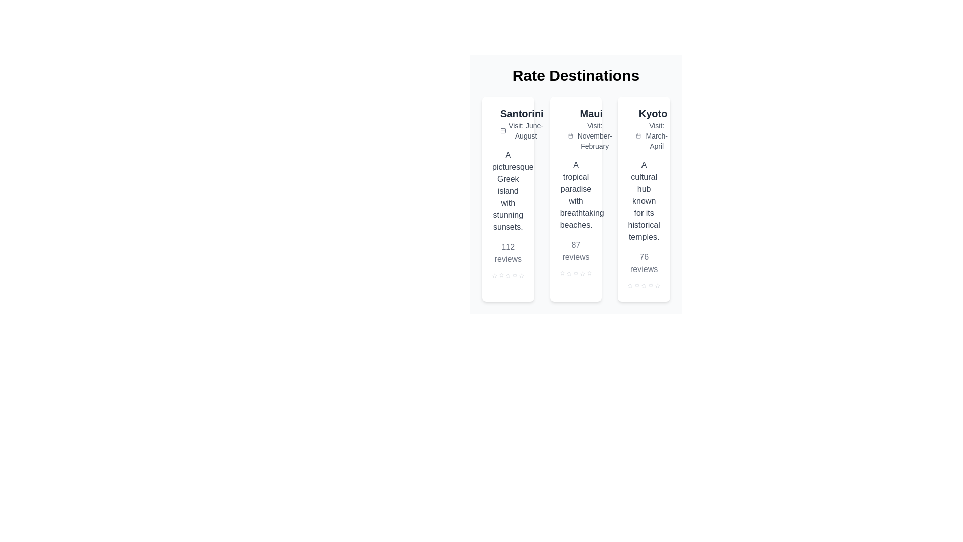 This screenshot has height=542, width=963. I want to click on the decorative SVG rectangle element that is part of the icon above the card titled 'Kyoto' located in the rightmost section of a three-column card layout, so click(633, 118).